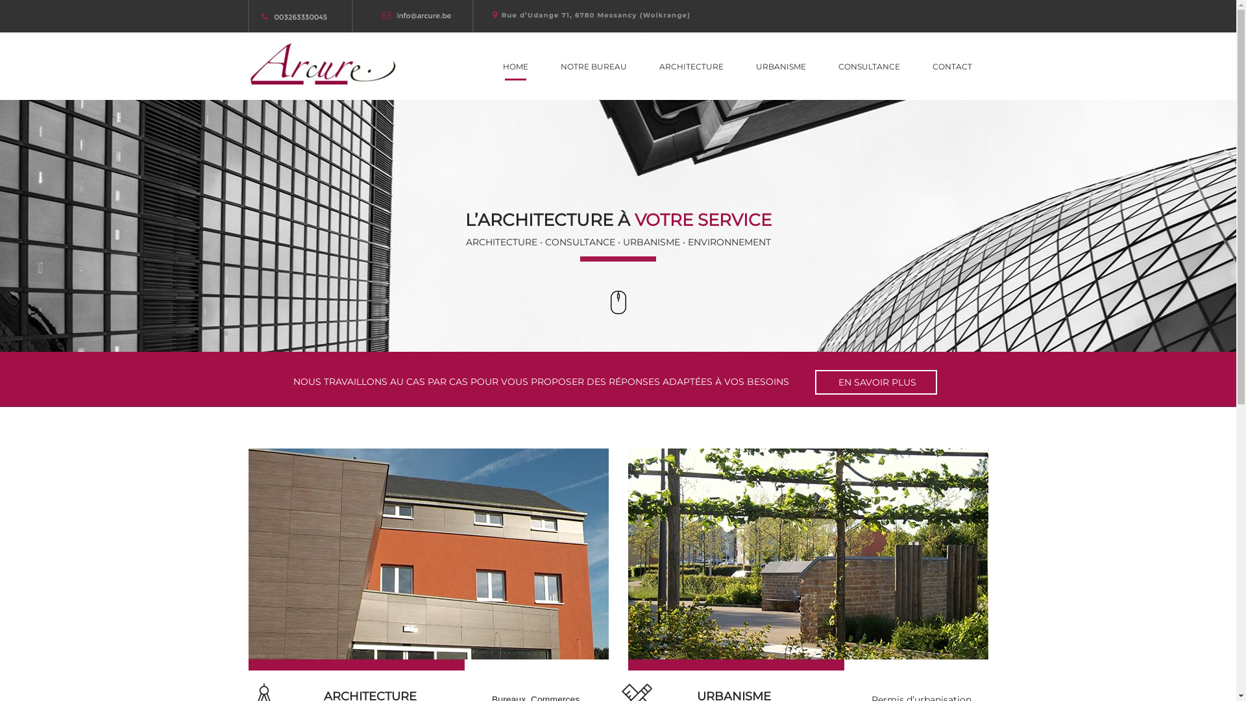 The image size is (1246, 701). Describe the element at coordinates (485, 67) in the screenshot. I see `'HOME'` at that location.